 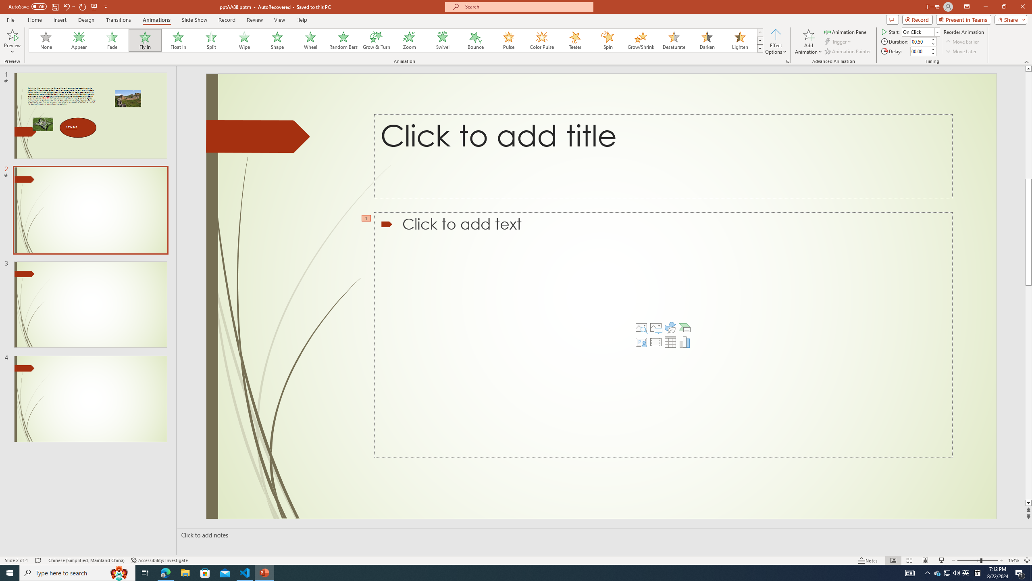 What do you see at coordinates (145, 40) in the screenshot?
I see `'Fly In'` at bounding box center [145, 40].